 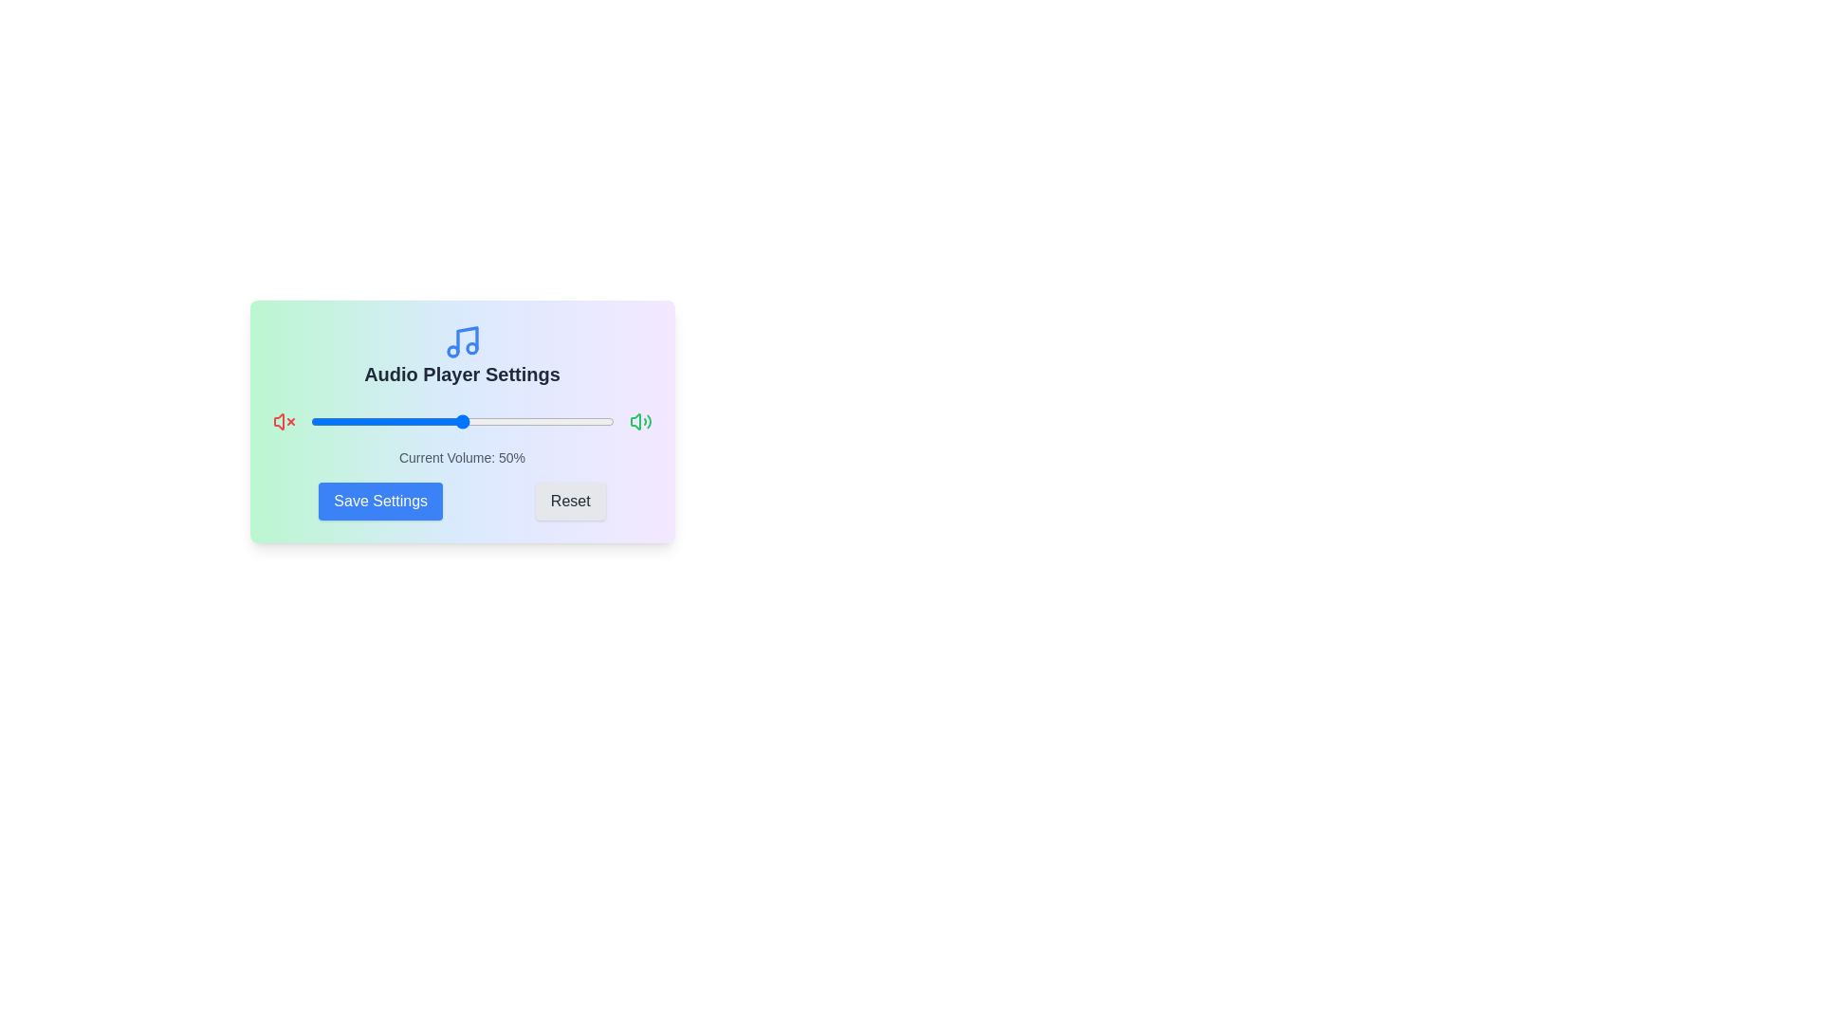 What do you see at coordinates (379, 500) in the screenshot?
I see `the blue rectangular 'Save Settings' button with white text located at the bottom-left corner of the modal` at bounding box center [379, 500].